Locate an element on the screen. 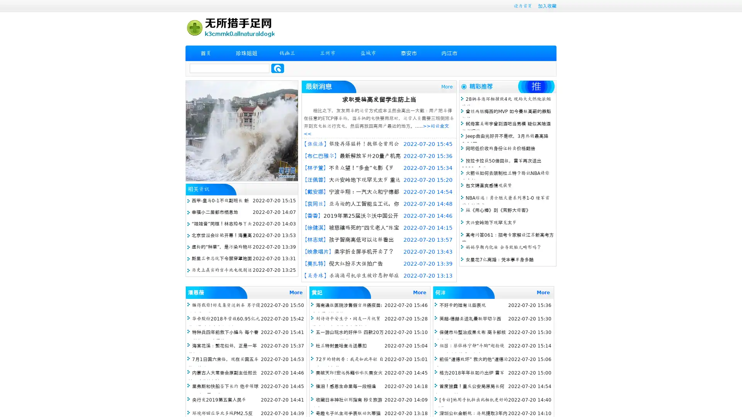 The image size is (742, 417). Search is located at coordinates (277, 68).